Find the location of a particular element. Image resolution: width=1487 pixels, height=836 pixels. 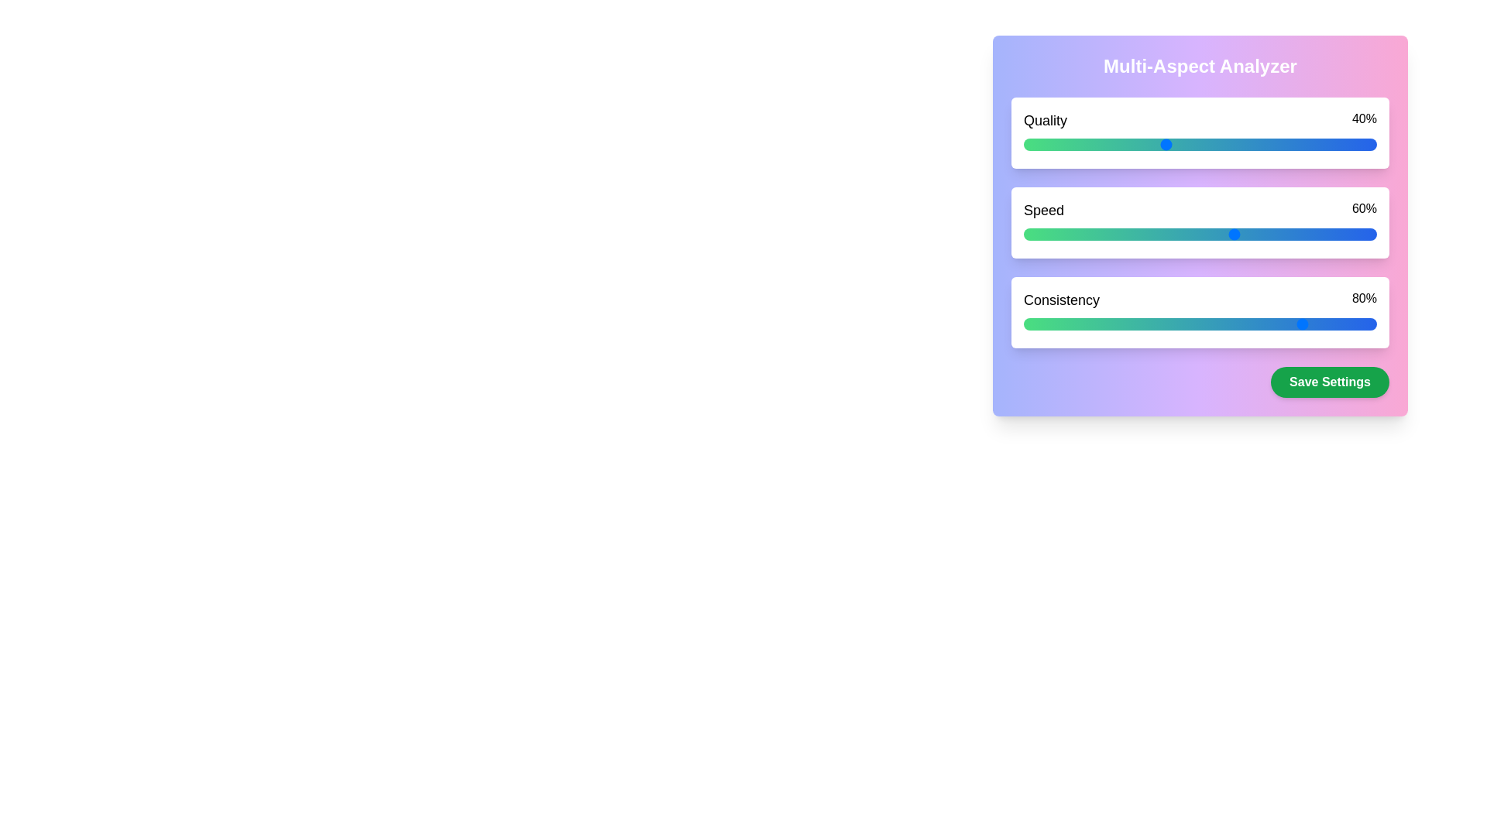

Consistency is located at coordinates (1172, 324).